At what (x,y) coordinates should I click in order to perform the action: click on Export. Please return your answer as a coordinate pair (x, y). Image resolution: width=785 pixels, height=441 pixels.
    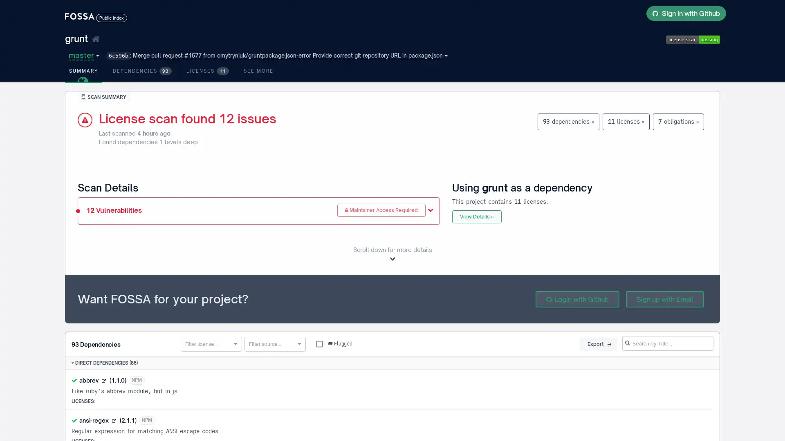
    Looking at the image, I should click on (599, 343).